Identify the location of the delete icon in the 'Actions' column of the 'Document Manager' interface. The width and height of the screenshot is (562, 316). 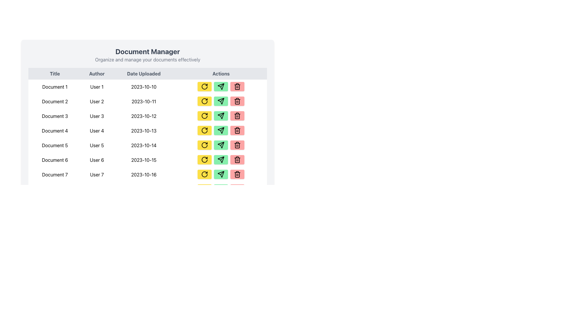
(237, 160).